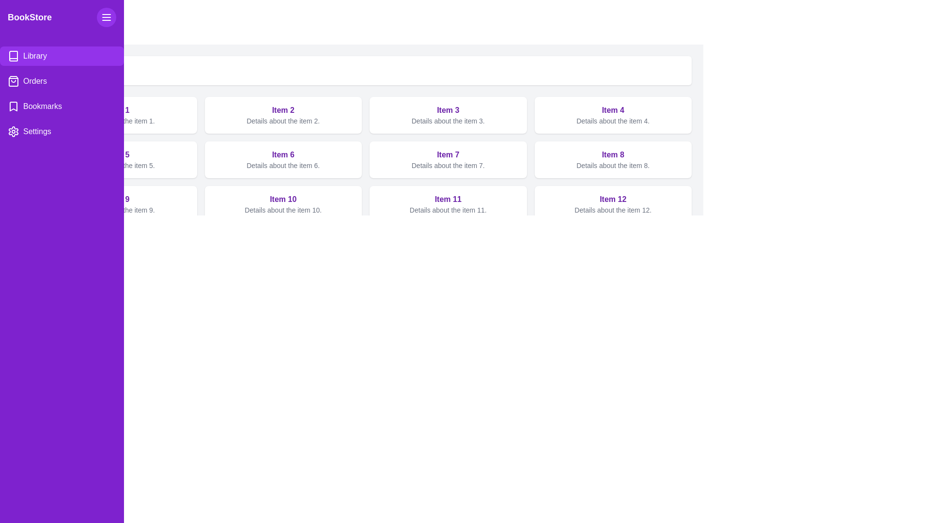 Image resolution: width=930 pixels, height=523 pixels. Describe the element at coordinates (107, 17) in the screenshot. I see `the menu icon represented by three horizontal lines, which is styled in white and located within a circular purple background at the top-left corner of the application interface` at that location.